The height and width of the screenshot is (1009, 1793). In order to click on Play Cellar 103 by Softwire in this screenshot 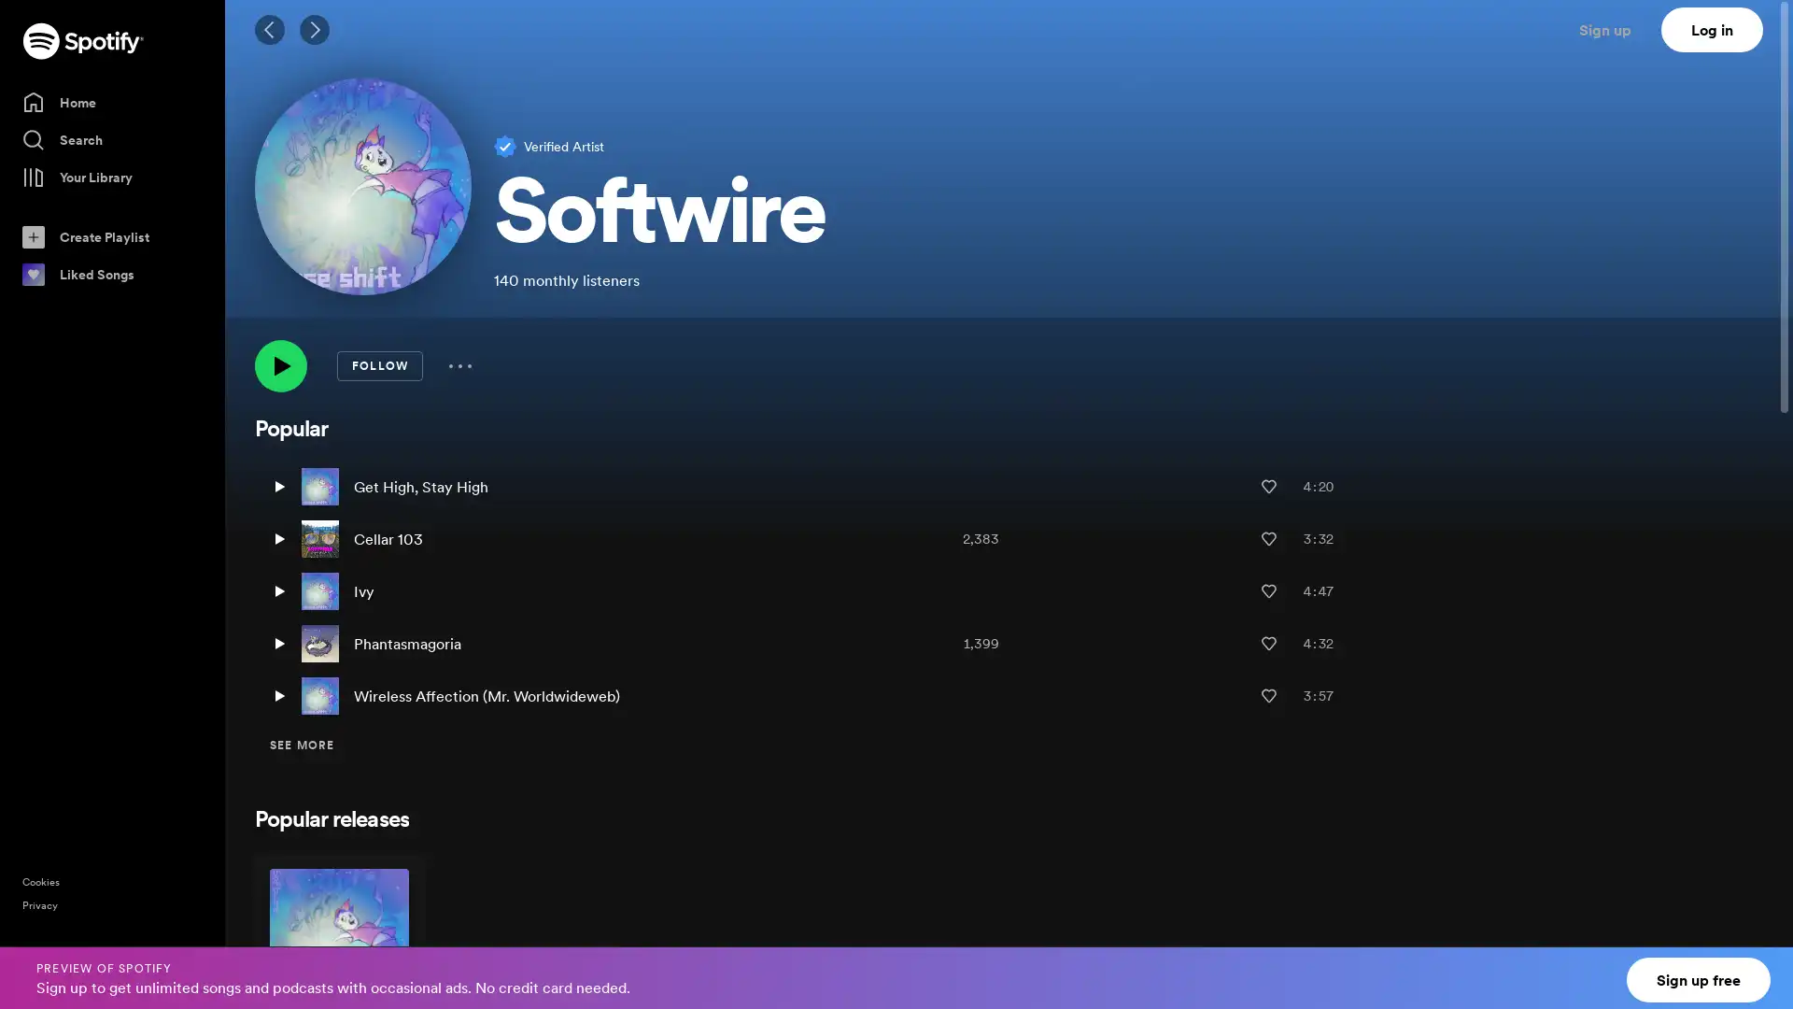, I will do `click(277, 539)`.